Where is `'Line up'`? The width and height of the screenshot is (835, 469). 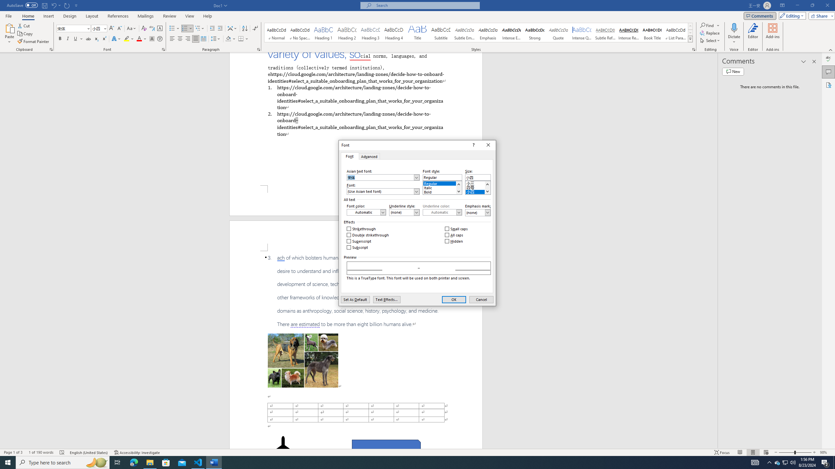 'Line up' is located at coordinates (487, 184).